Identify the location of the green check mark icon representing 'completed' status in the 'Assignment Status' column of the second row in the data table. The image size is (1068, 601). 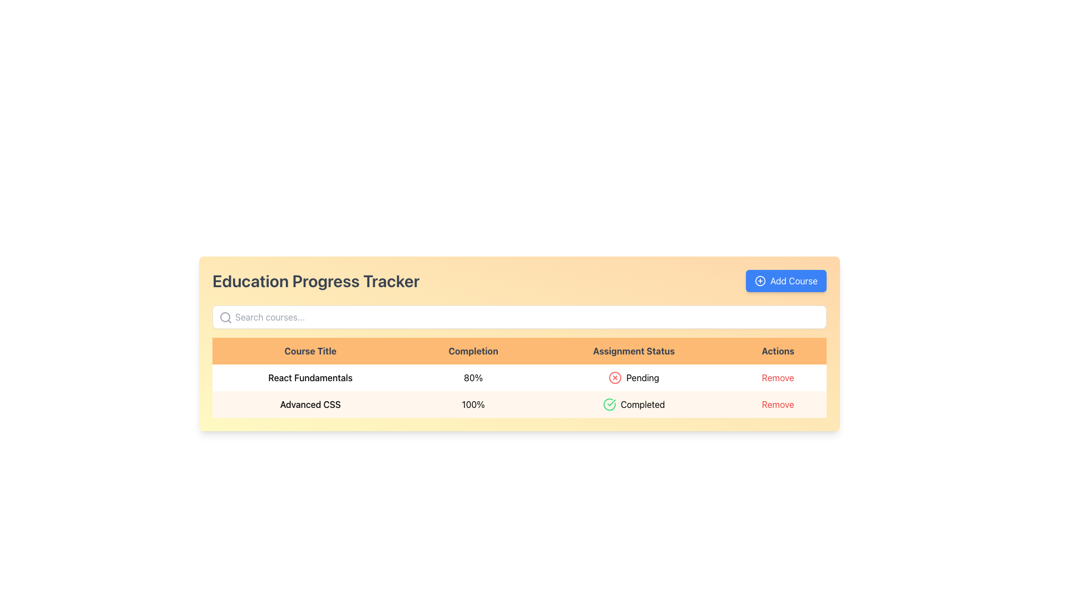
(611, 403).